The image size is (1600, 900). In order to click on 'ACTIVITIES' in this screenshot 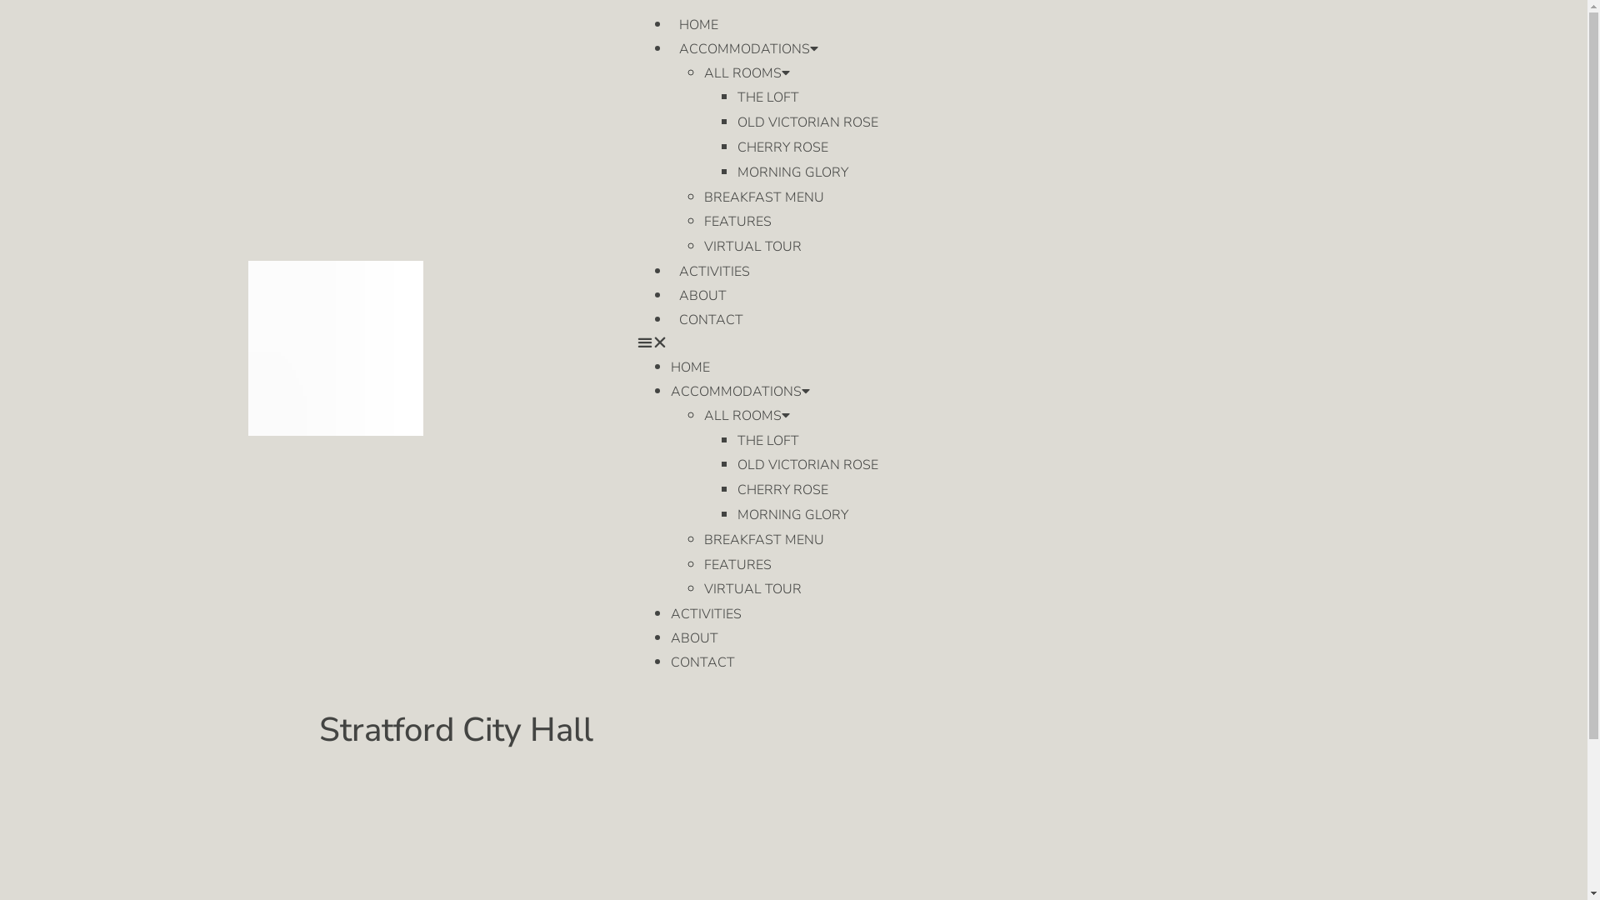, I will do `click(706, 613)`.